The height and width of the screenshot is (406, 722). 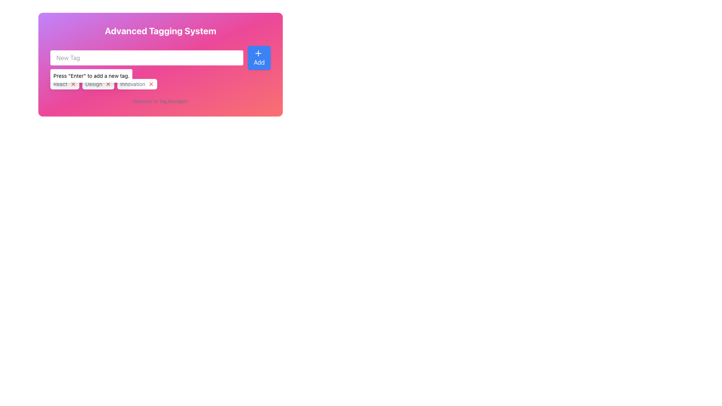 I want to click on the close or delete icon button for the 'Design' tag, which is positioned to the right side of the text label in a horizontal list of tags, so click(x=108, y=84).